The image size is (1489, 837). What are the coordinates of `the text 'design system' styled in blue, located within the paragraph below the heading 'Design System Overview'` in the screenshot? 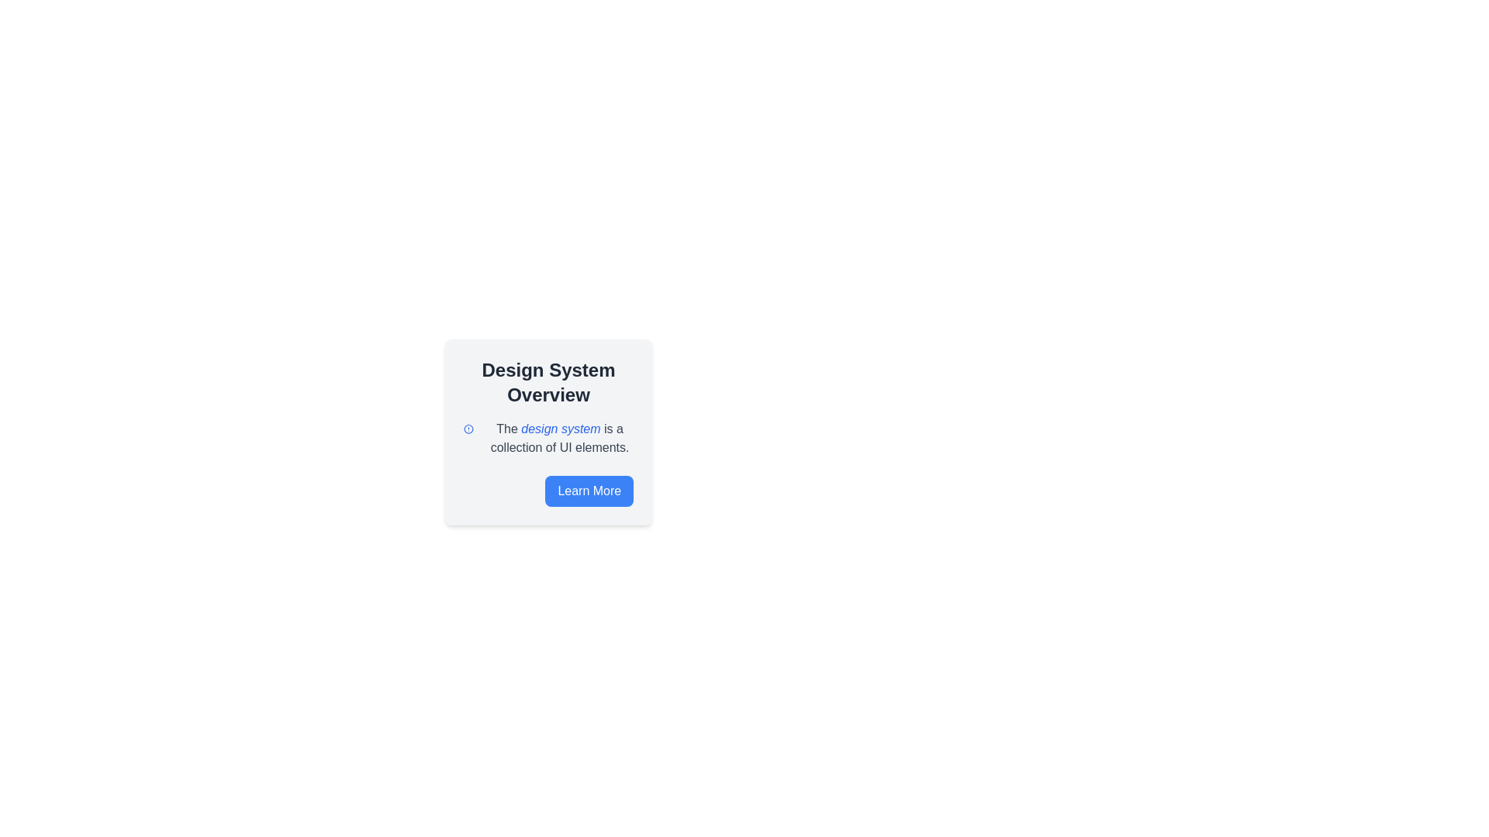 It's located at (560, 429).